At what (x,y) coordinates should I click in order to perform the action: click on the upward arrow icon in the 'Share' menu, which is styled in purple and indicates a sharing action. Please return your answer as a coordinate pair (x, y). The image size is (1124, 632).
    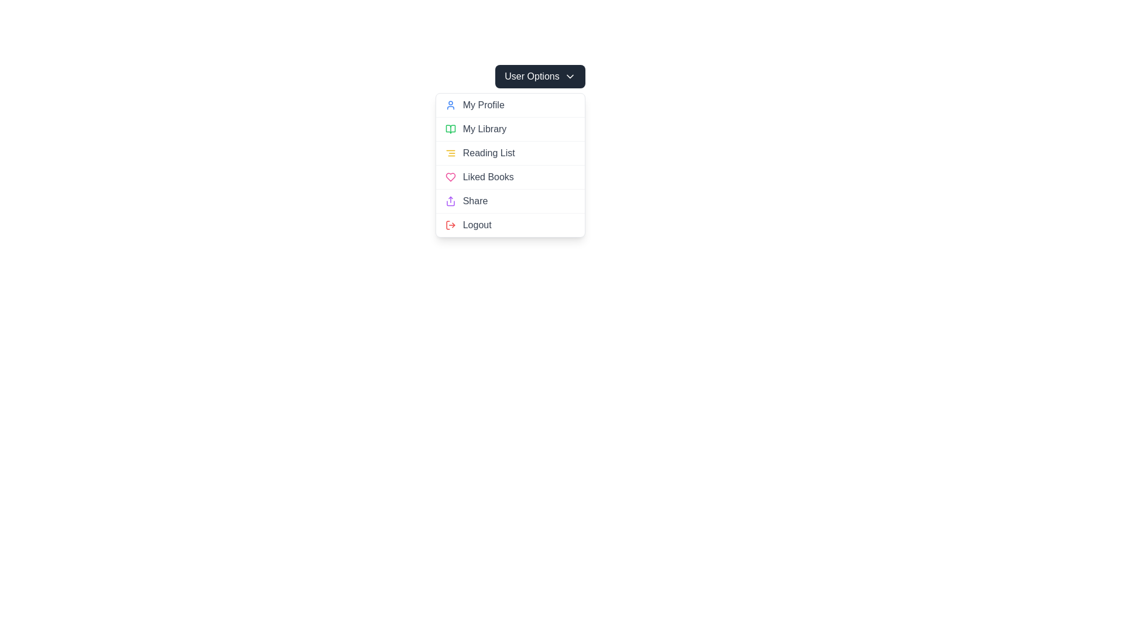
    Looking at the image, I should click on (450, 200).